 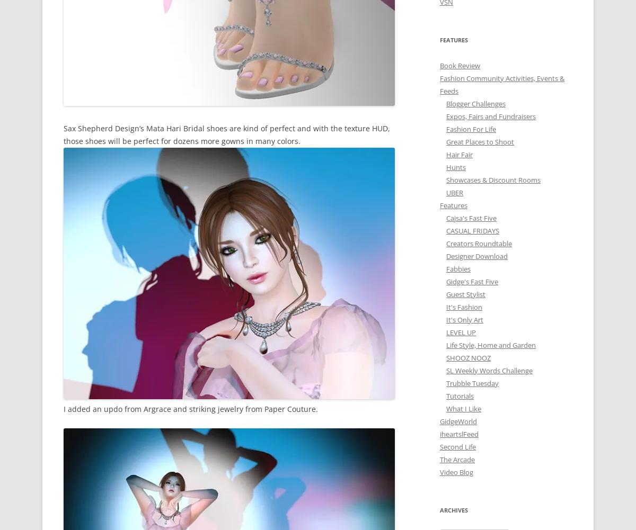 What do you see at coordinates (446, 154) in the screenshot?
I see `'Hair Fair'` at bounding box center [446, 154].